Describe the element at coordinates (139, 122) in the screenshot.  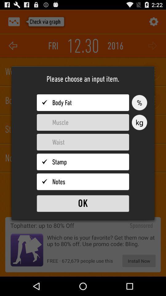
I see `the kg` at that location.